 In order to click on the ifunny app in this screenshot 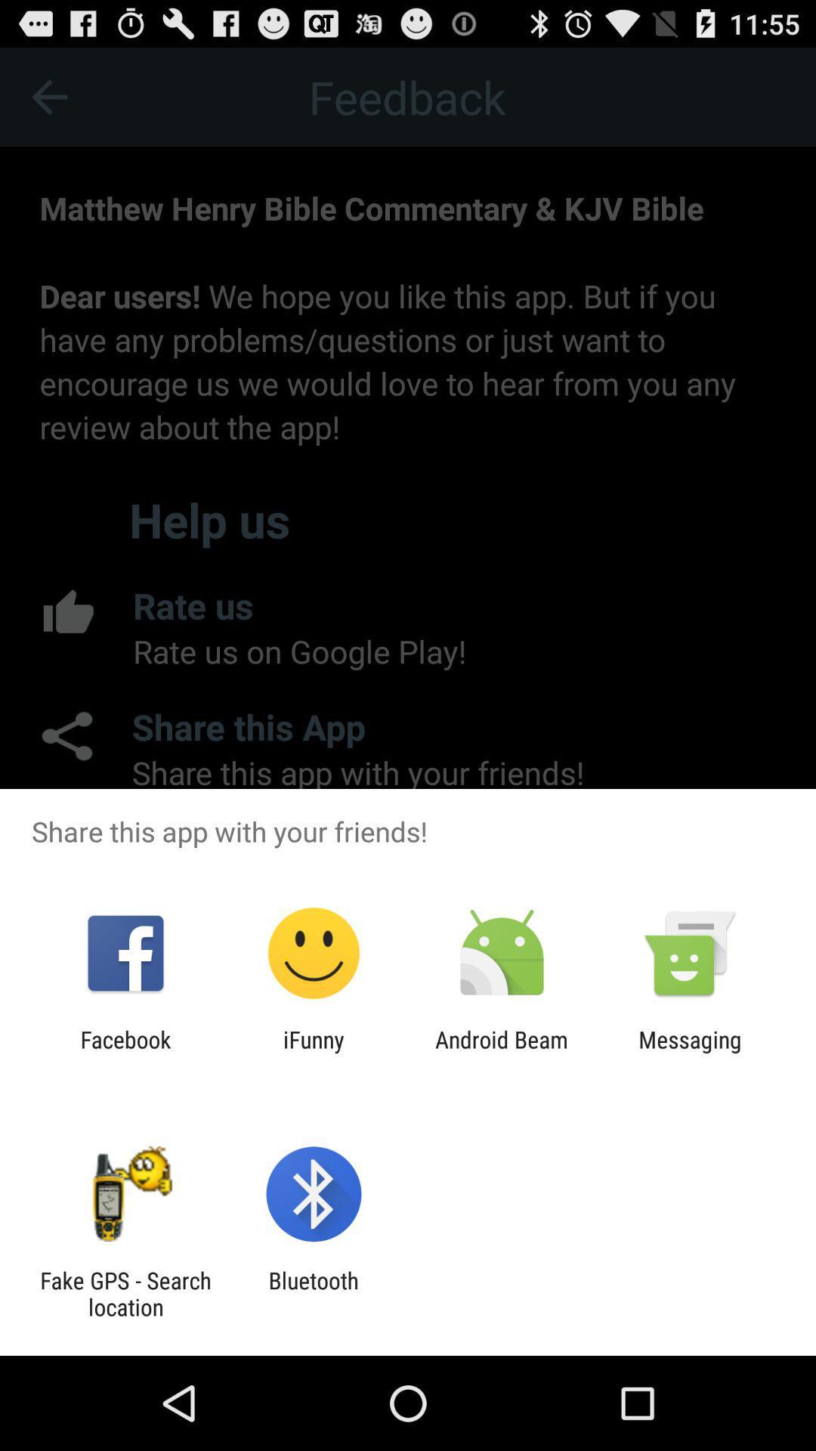, I will do `click(313, 1052)`.